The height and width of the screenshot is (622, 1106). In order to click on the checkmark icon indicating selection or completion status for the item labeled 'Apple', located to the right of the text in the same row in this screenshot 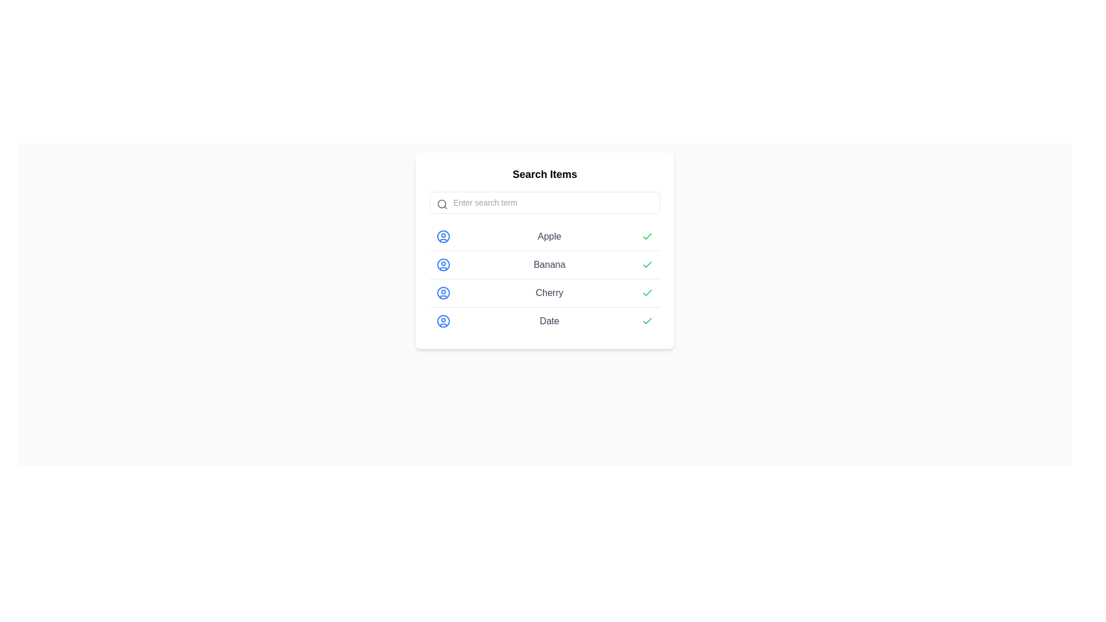, I will do `click(647, 236)`.